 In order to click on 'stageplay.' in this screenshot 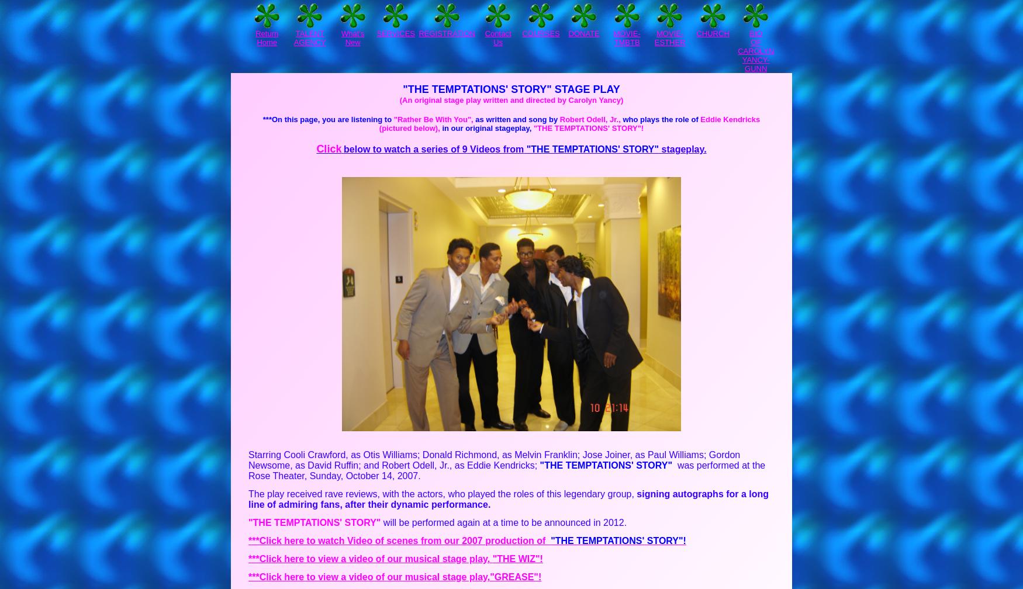, I will do `click(682, 149)`.